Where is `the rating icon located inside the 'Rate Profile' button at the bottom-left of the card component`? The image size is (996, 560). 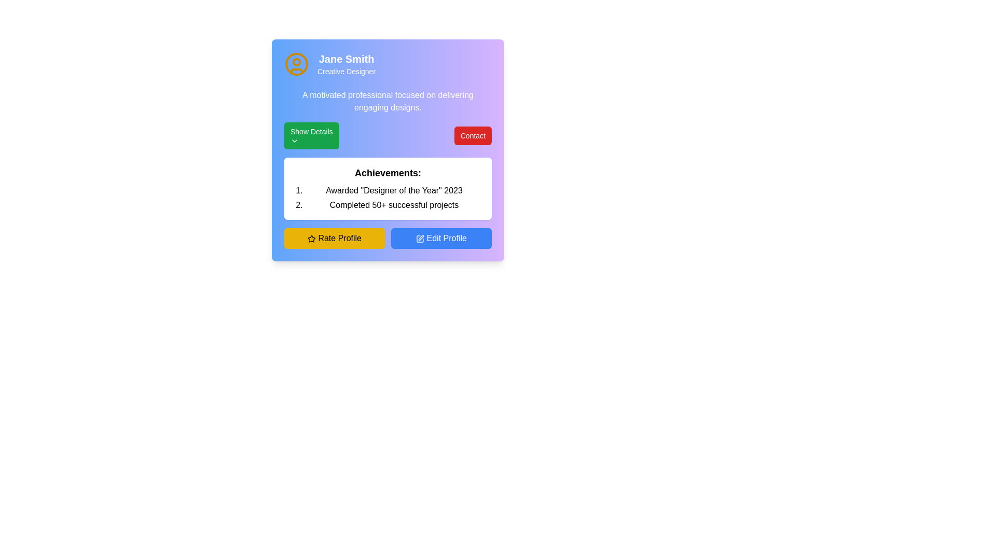 the rating icon located inside the 'Rate Profile' button at the bottom-left of the card component is located at coordinates (311, 239).